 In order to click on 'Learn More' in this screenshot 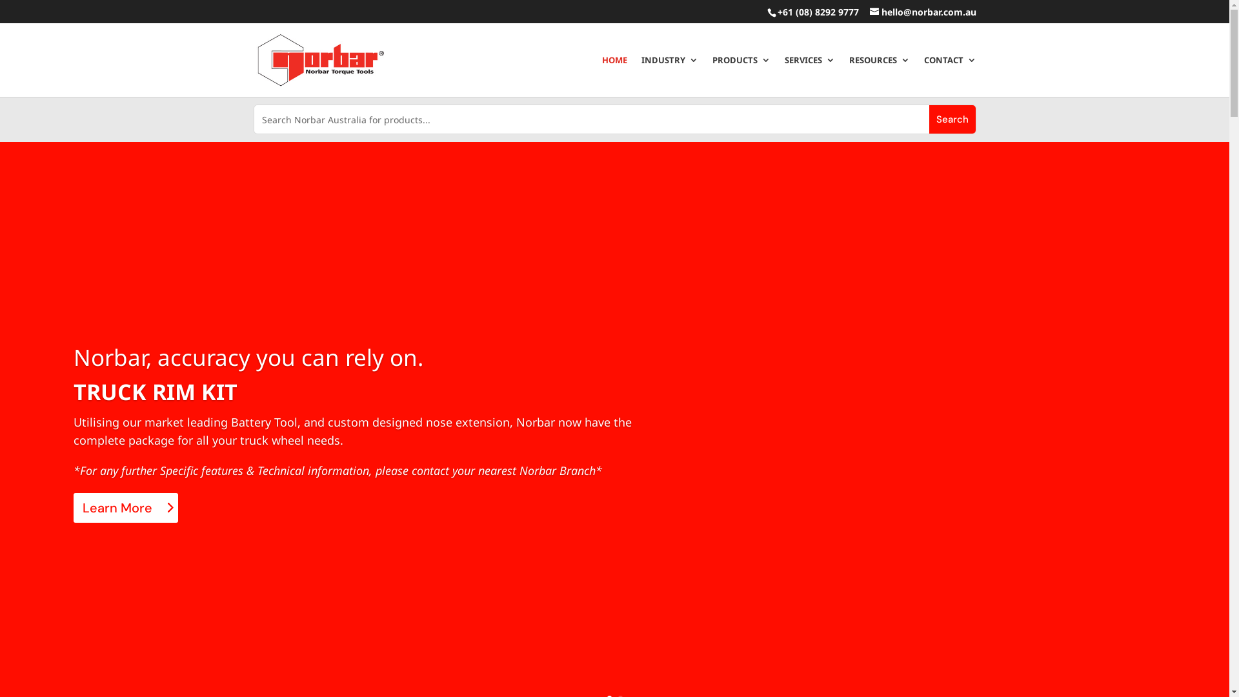, I will do `click(126, 507)`.